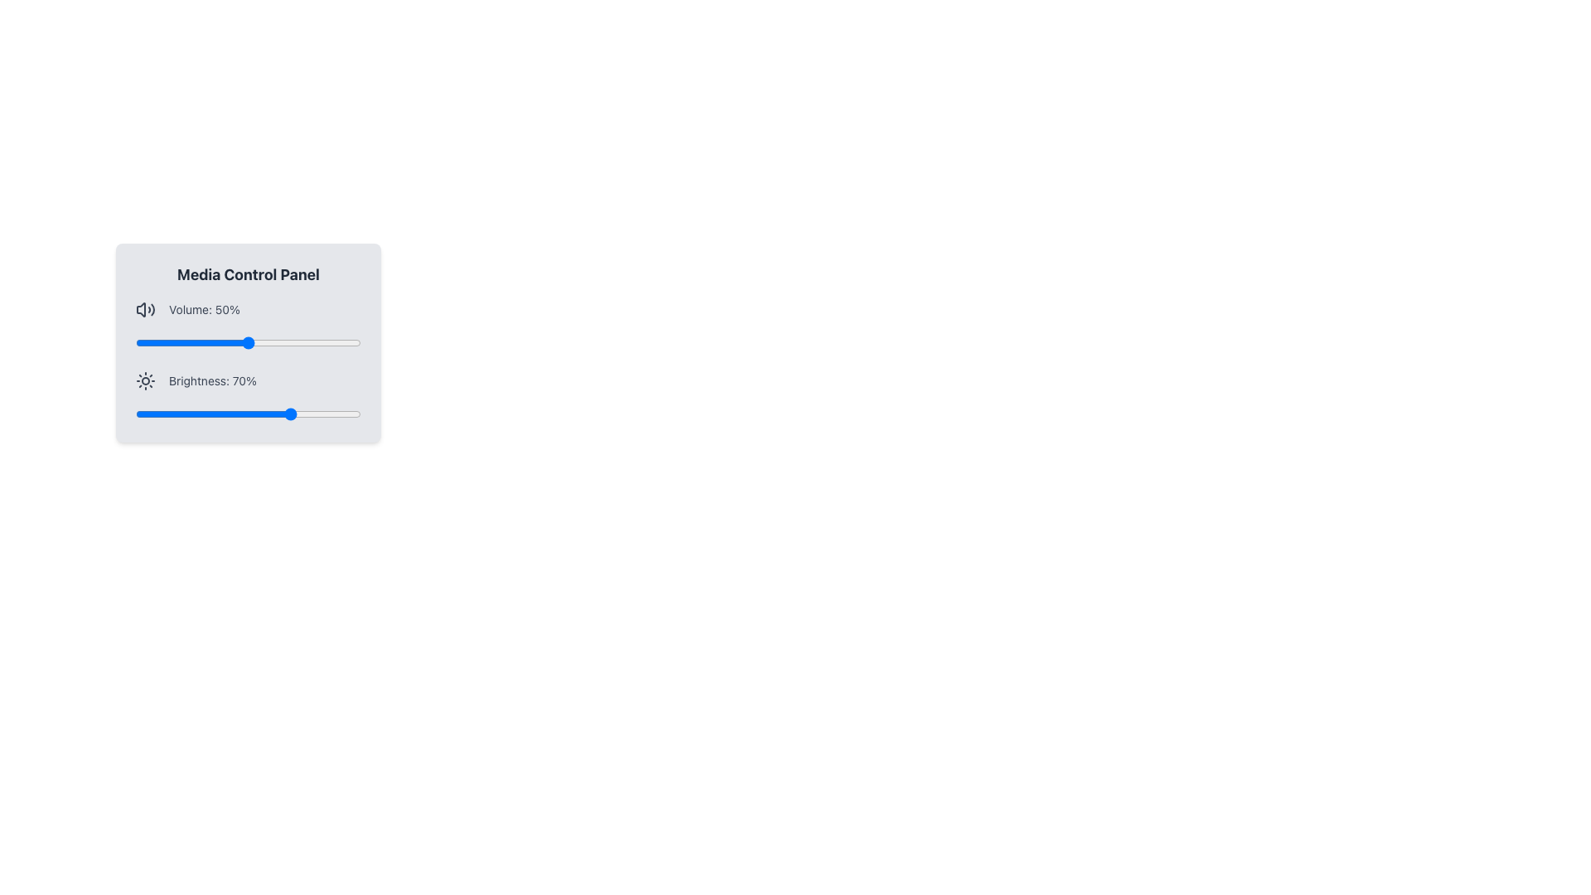 The width and height of the screenshot is (1591, 895). I want to click on the circular blue marker of the volume slider control, which is horizontally oriented and located beneath the 'Volume: 50%' label, so click(247, 341).